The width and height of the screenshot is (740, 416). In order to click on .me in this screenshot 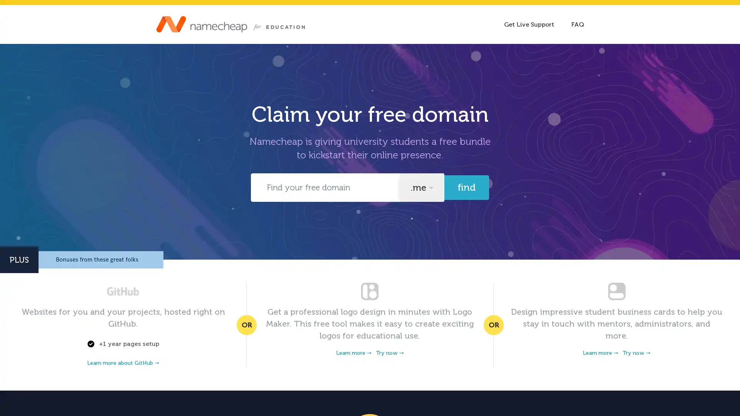, I will do `click(421, 187)`.